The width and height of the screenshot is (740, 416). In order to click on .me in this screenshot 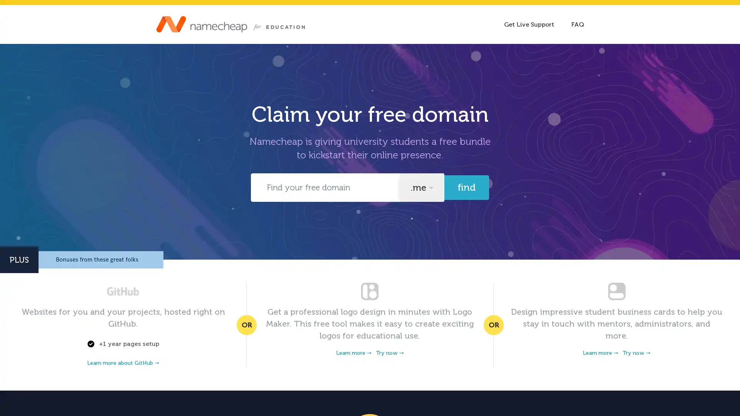, I will do `click(421, 187)`.